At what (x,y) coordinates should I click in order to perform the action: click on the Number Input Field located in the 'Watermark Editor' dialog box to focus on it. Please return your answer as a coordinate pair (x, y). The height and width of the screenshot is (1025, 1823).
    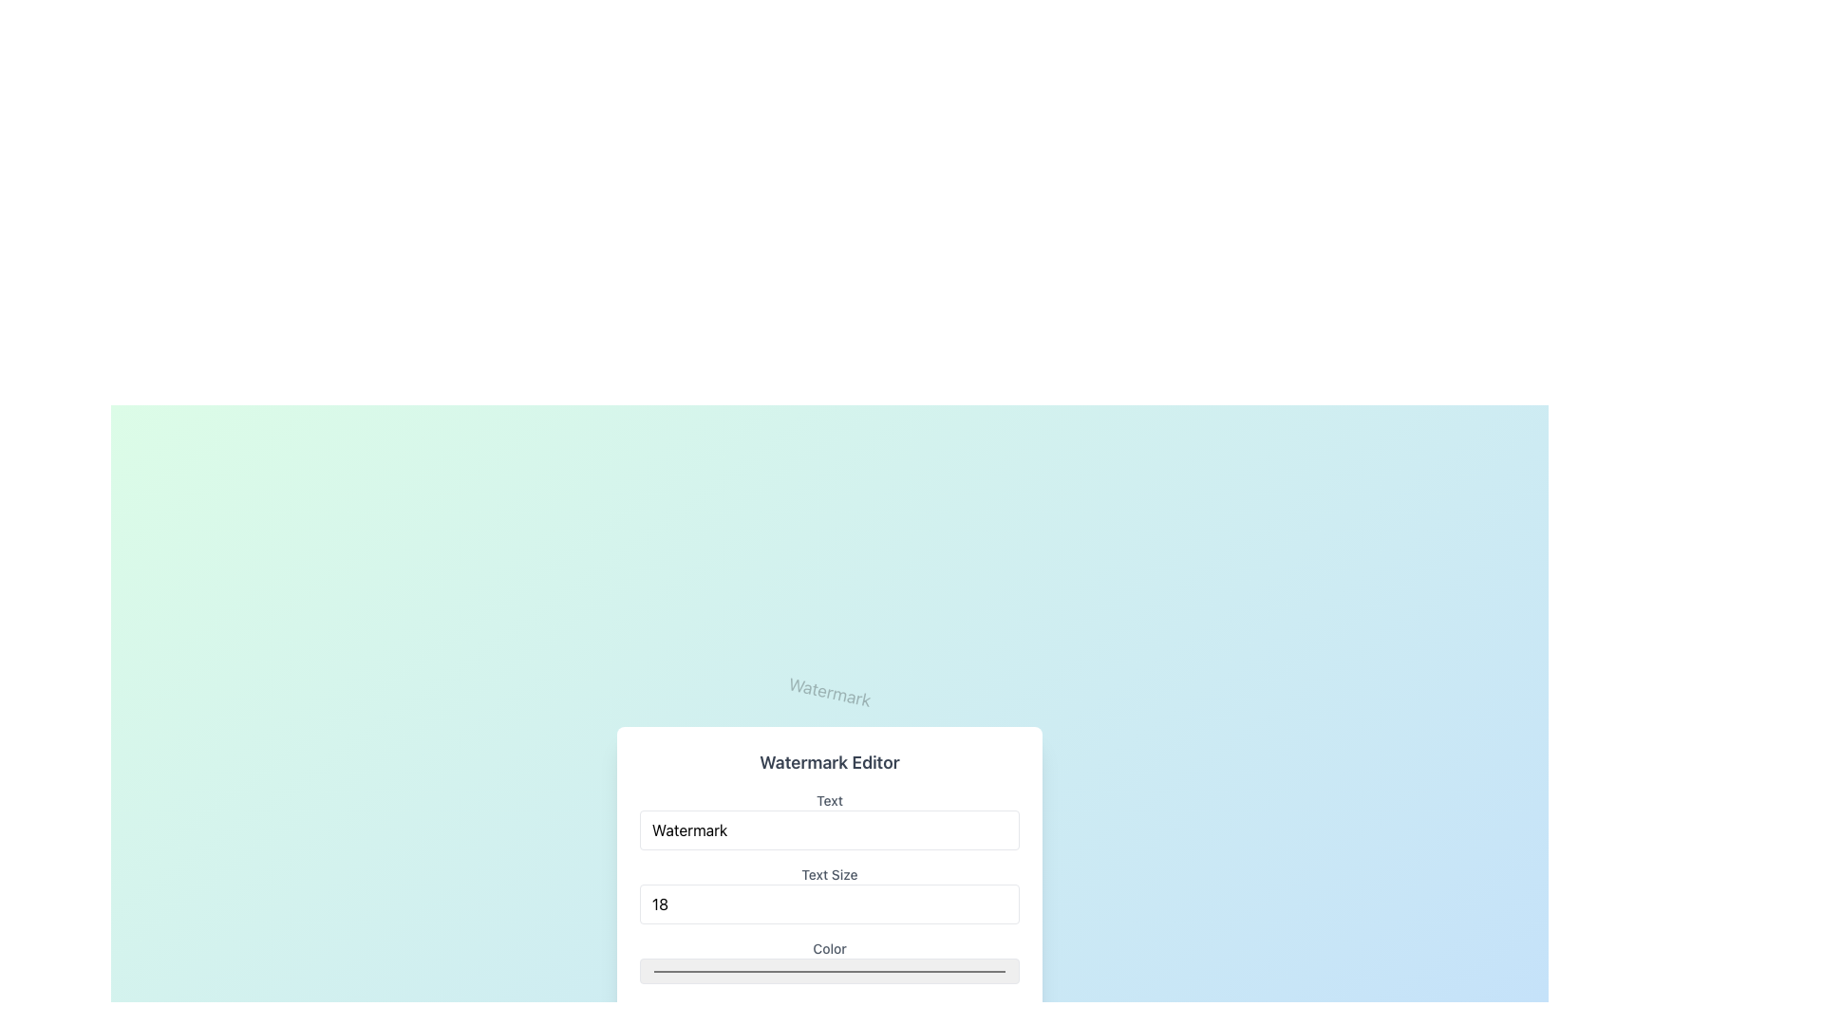
    Looking at the image, I should click on (829, 903).